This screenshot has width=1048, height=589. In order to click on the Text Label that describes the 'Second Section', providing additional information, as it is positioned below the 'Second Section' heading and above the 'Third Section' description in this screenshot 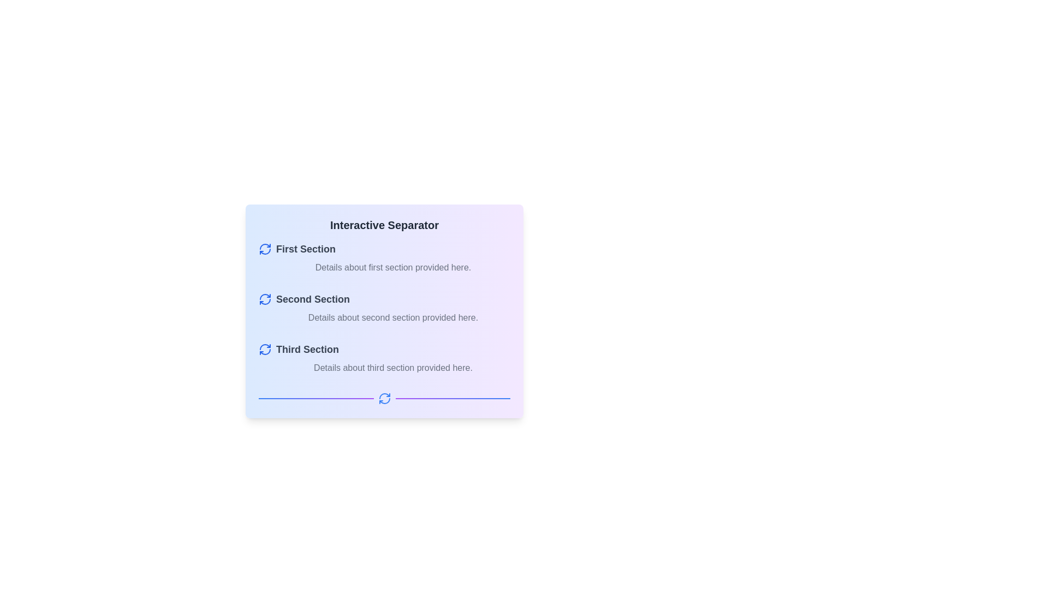, I will do `click(393, 317)`.